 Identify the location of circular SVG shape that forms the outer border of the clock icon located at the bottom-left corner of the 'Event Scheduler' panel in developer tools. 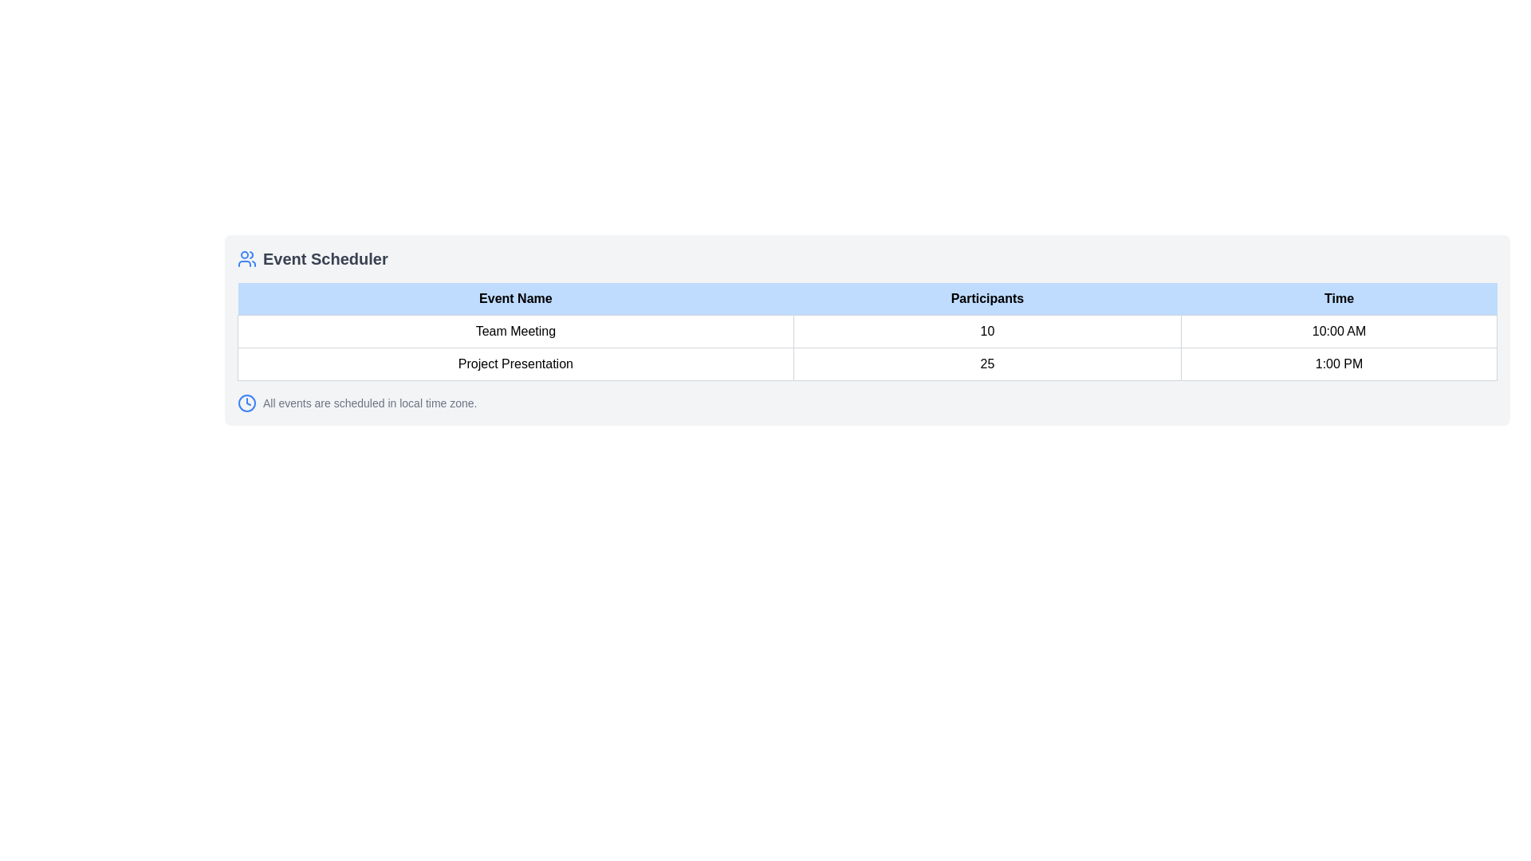
(246, 402).